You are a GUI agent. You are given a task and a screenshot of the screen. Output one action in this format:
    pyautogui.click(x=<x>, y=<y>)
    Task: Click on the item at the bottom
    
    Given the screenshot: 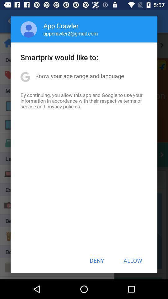 What is the action you would take?
    pyautogui.click(x=97, y=260)
    